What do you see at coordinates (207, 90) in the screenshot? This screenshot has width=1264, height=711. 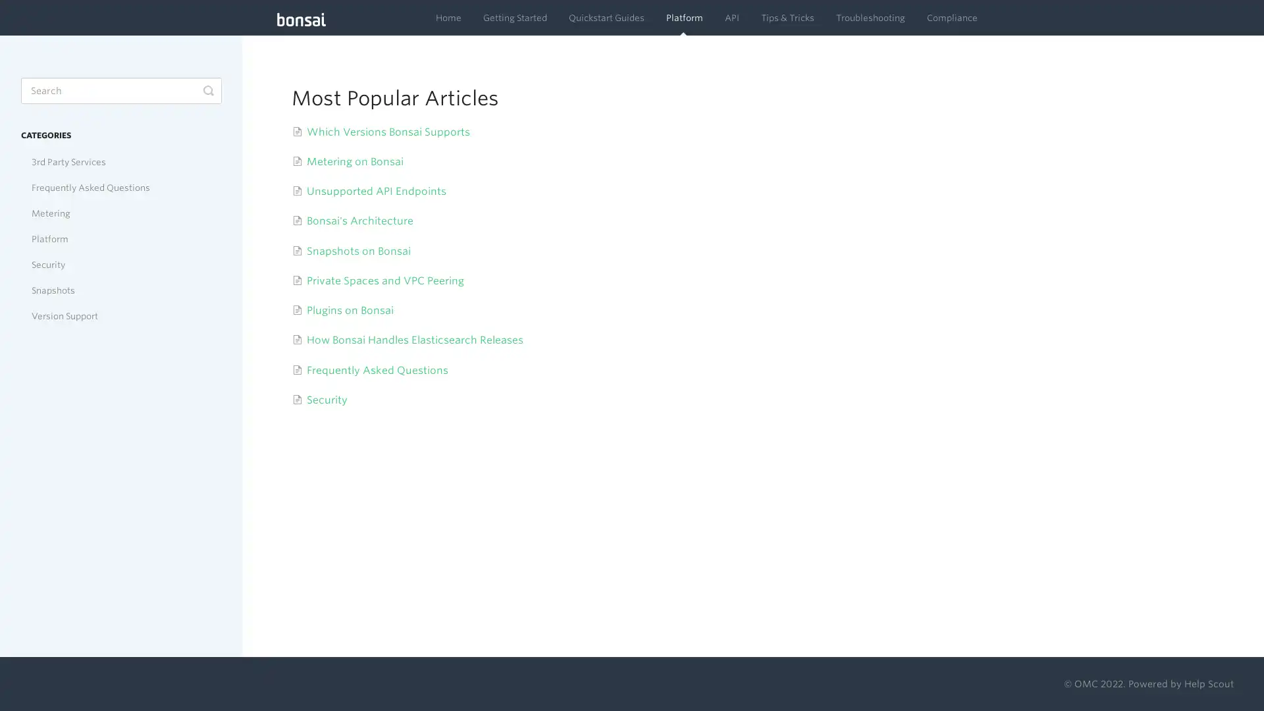 I see `Toggle Search` at bounding box center [207, 90].